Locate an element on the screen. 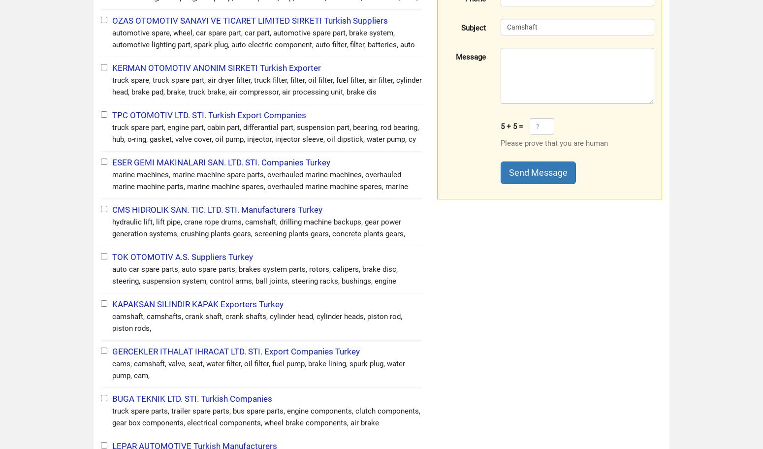 The image size is (763, 449). 'marine machines, marine machine spare parts, overhauled marine machines, overhauled marine machine parts, marine machine spares, overhauled marine machine spares, marine main engines, marine main engi' is located at coordinates (259, 186).